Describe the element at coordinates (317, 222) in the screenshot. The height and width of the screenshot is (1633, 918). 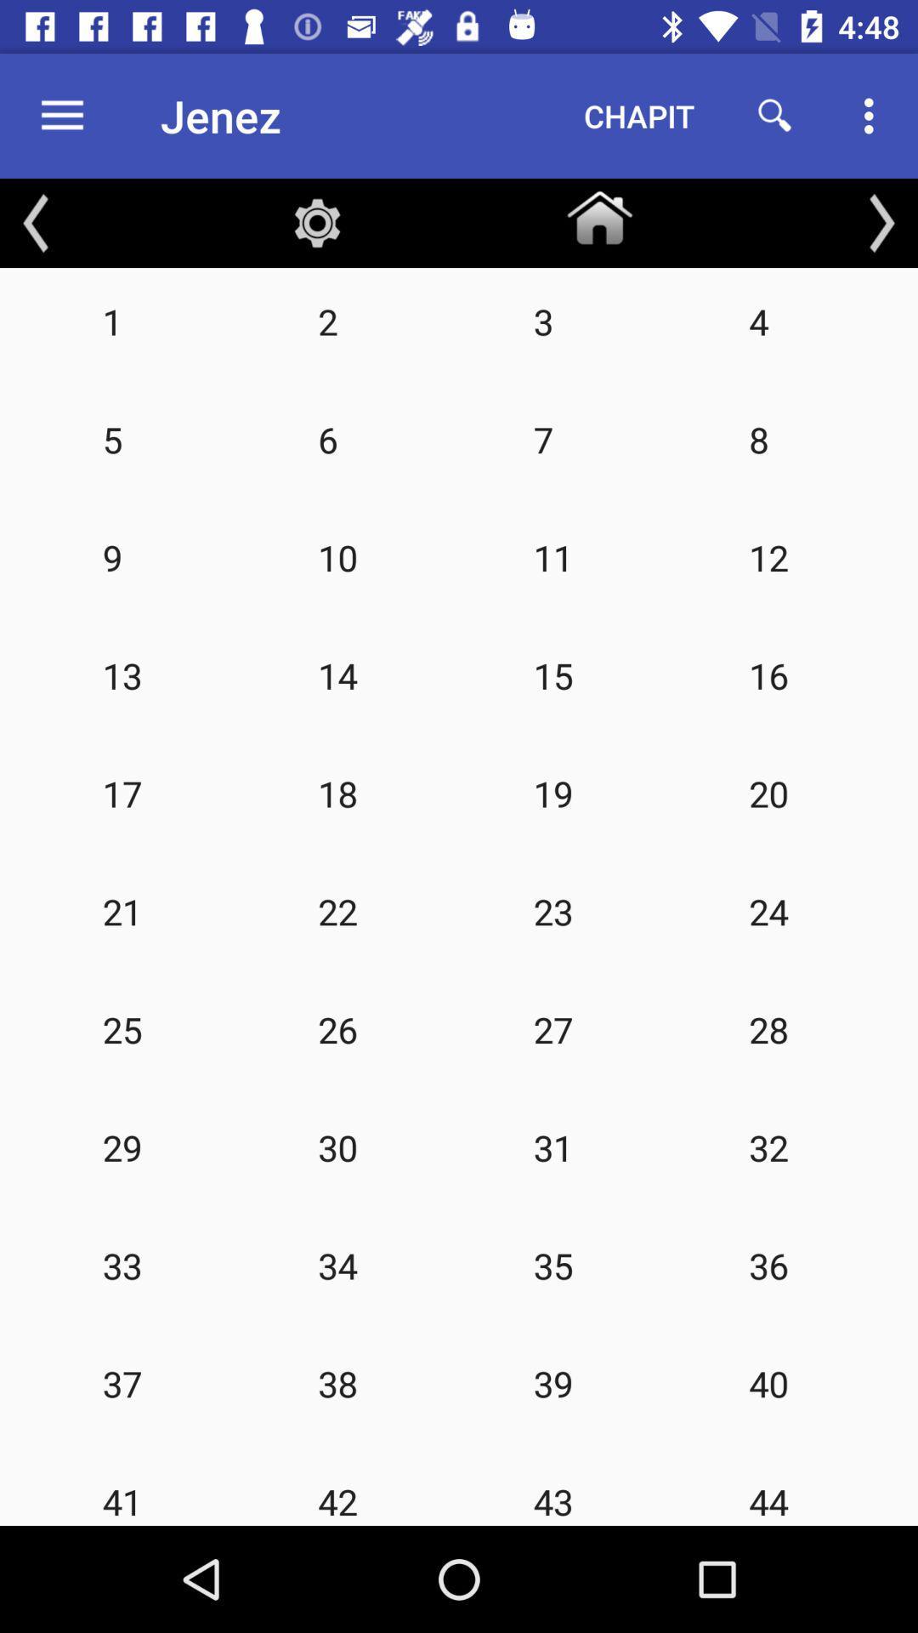
I see `the item above 2 icon` at that location.